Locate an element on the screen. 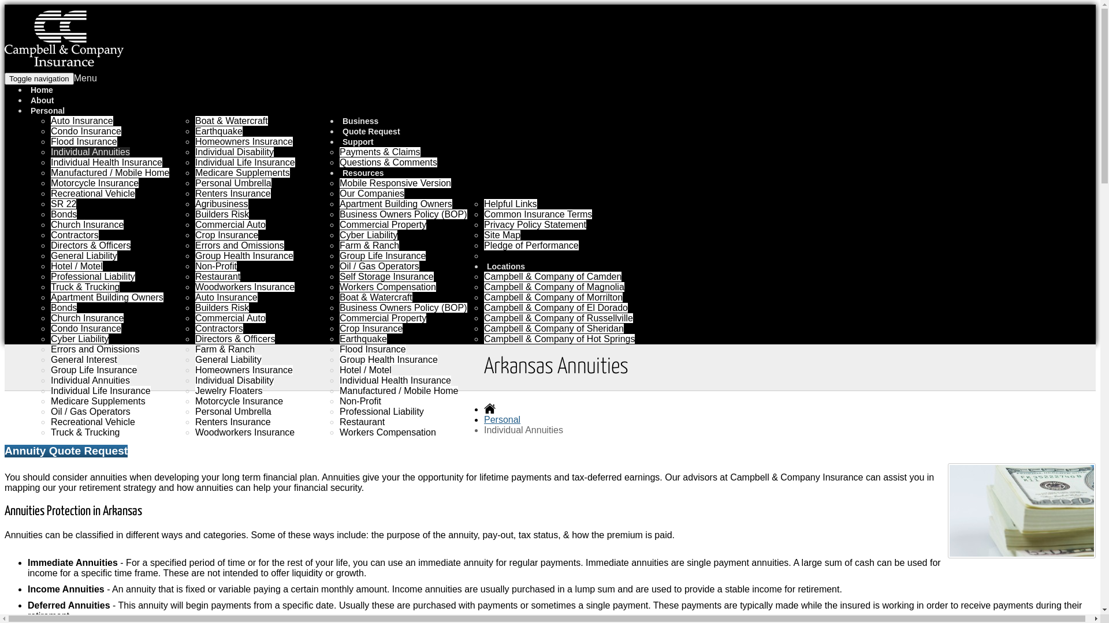 The image size is (1109, 623). 'Pledge of Performance' is located at coordinates (531, 245).